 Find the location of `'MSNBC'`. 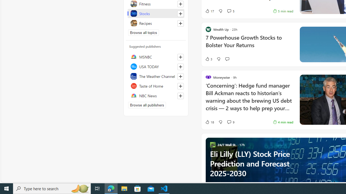

'MSNBC' is located at coordinates (156, 57).